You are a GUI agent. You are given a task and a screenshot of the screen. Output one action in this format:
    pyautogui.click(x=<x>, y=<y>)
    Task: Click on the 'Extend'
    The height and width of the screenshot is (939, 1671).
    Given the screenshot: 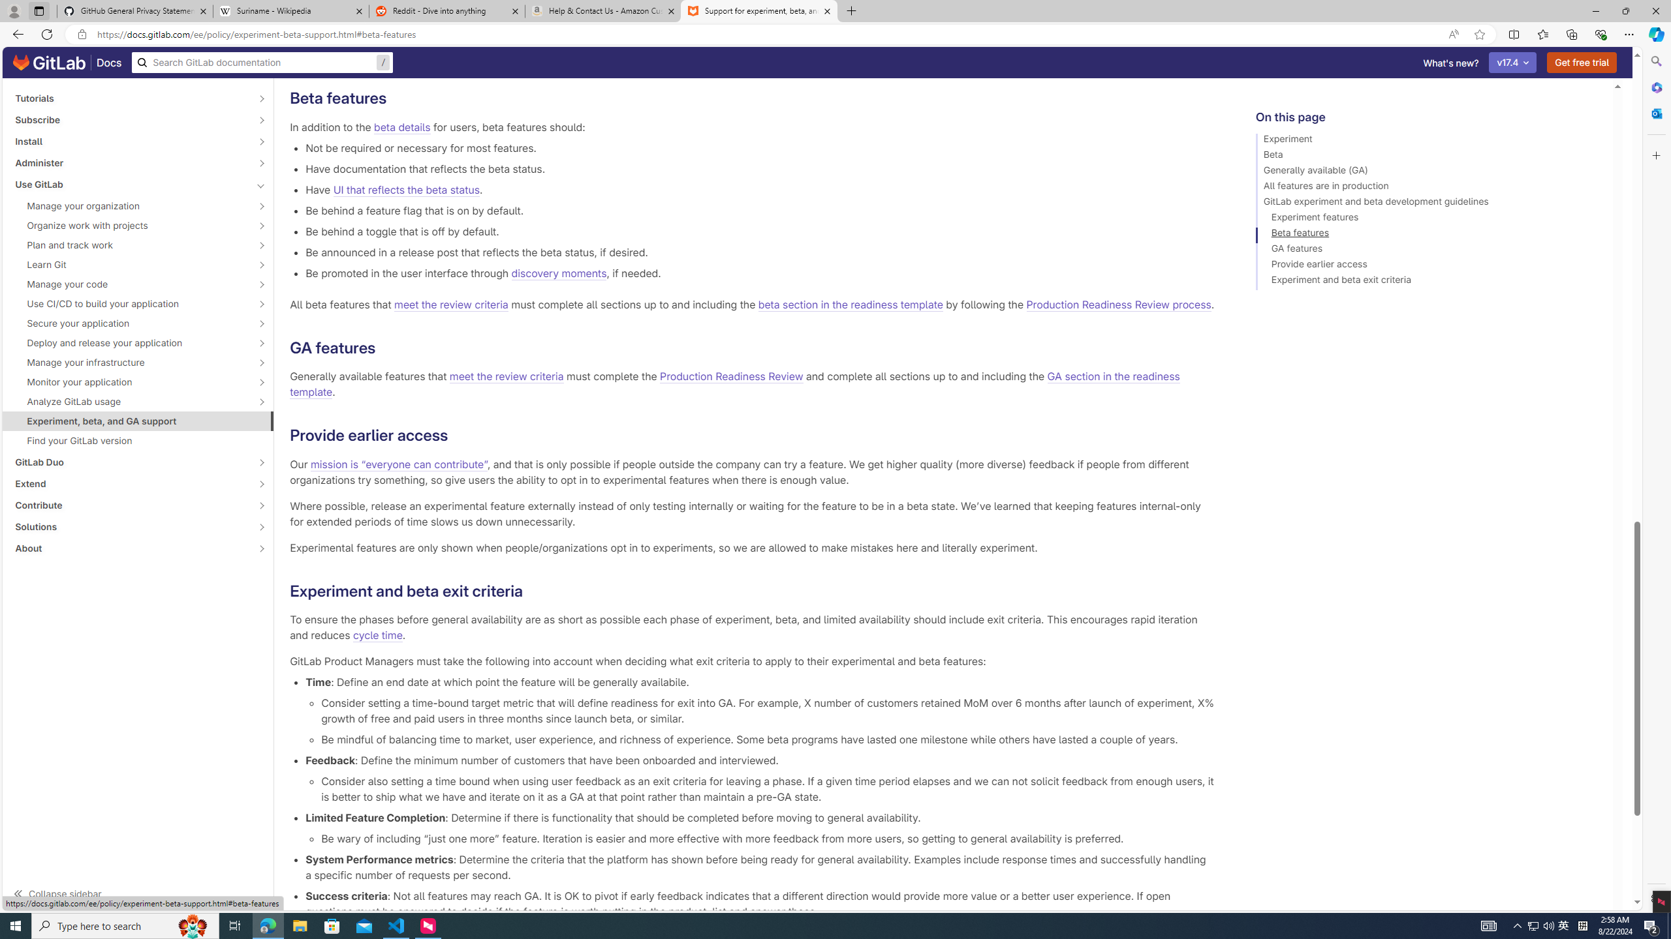 What is the action you would take?
    pyautogui.click(x=130, y=484)
    